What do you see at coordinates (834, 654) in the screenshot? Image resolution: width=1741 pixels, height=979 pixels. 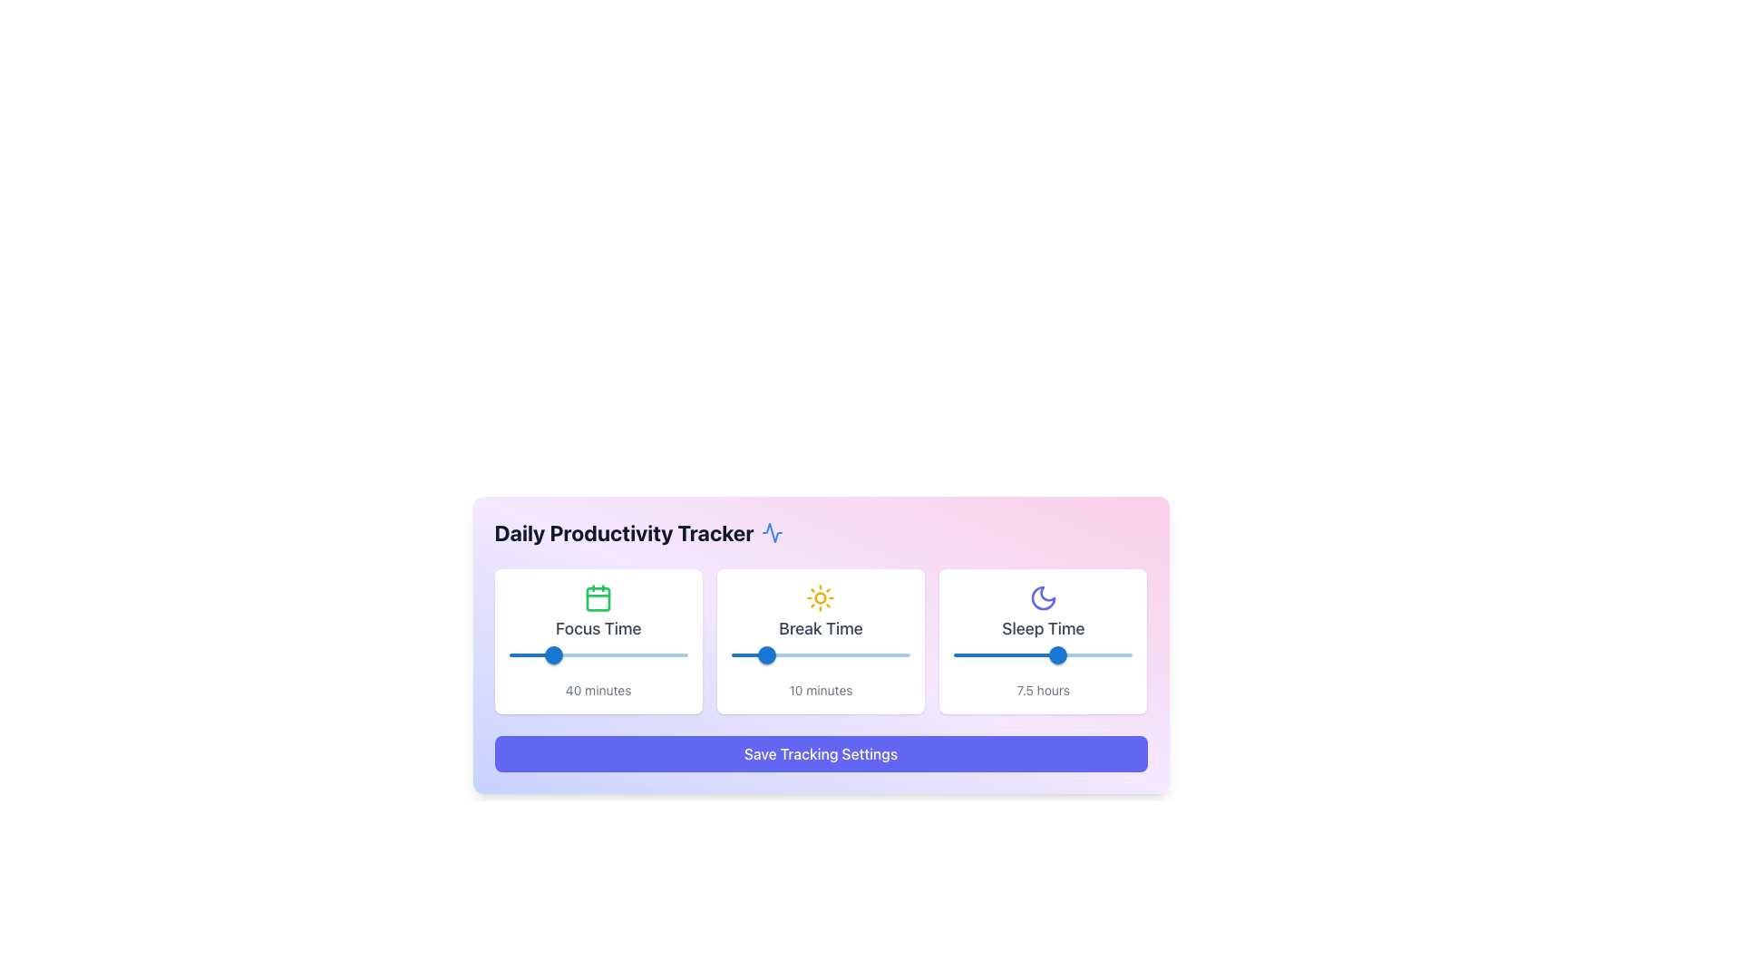 I see `break time` at bounding box center [834, 654].